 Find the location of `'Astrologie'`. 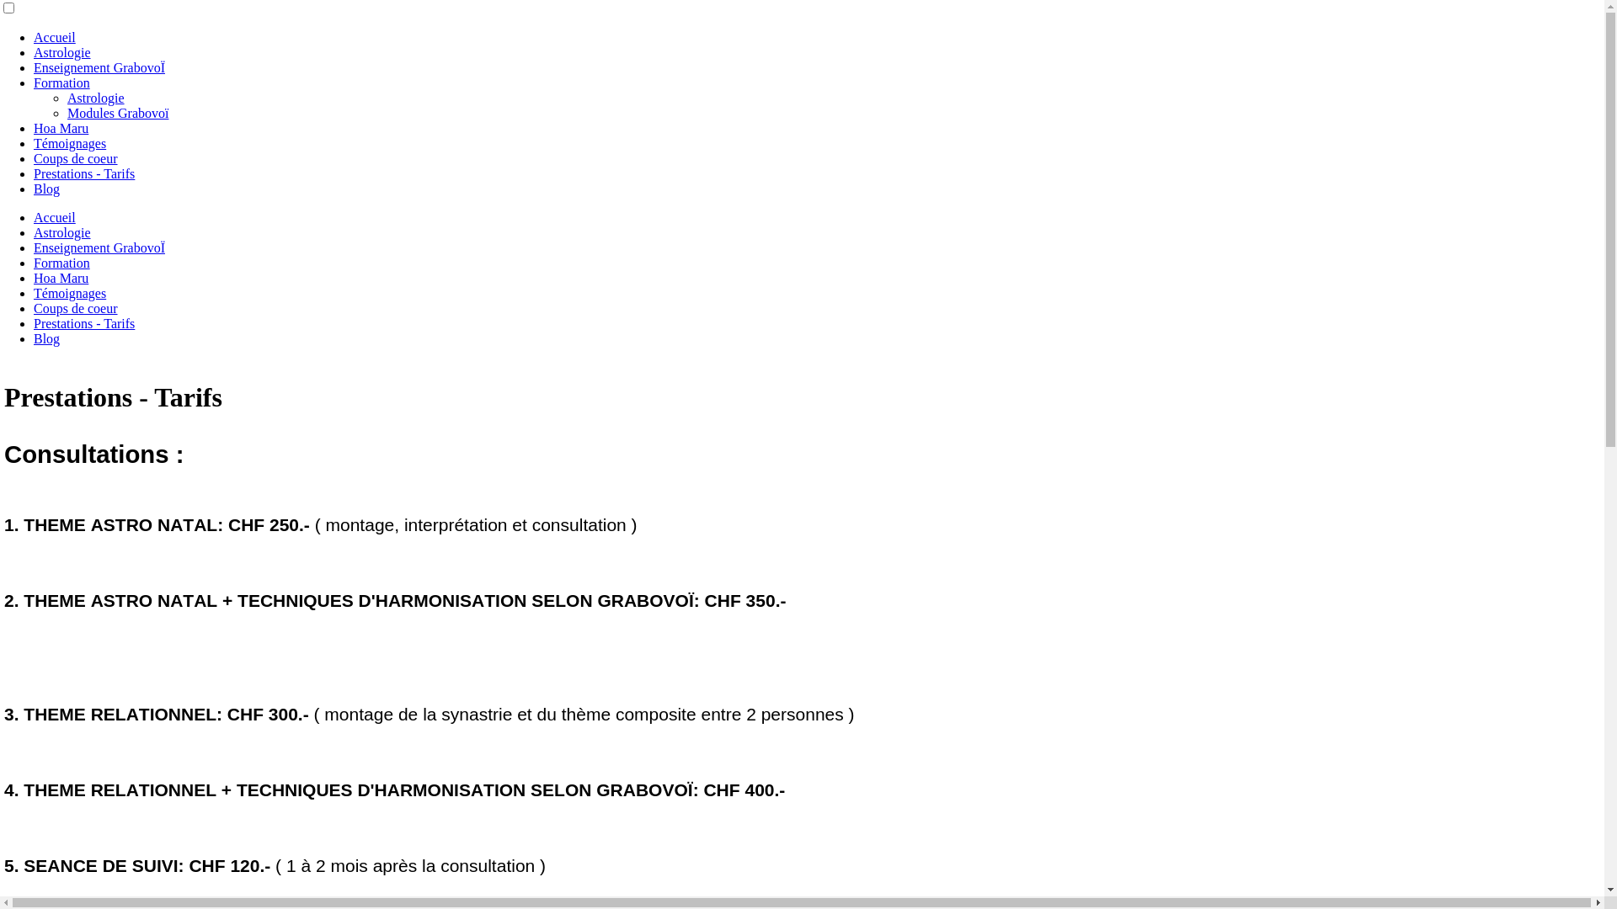

'Astrologie' is located at coordinates (33, 51).